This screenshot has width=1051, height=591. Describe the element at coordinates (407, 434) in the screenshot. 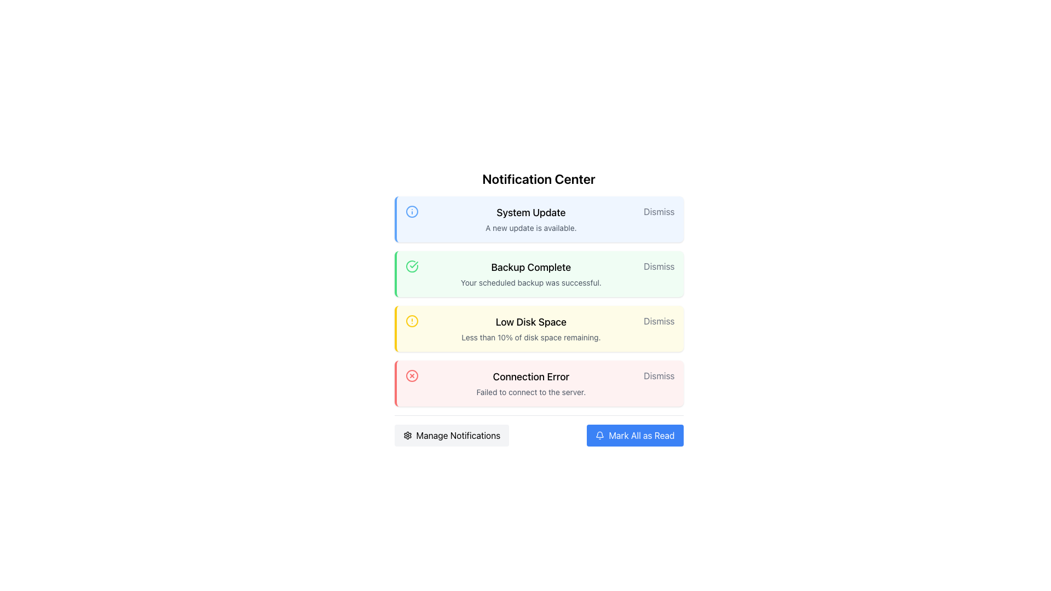

I see `the settings icon for managing notifications, which is the leftmost item within the 'Manage Notifications' button located at the bottom left of the notification interface` at that location.